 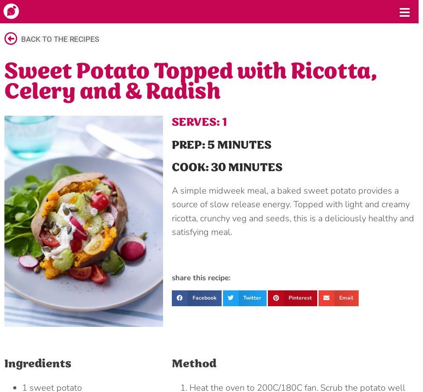 What do you see at coordinates (300, 297) in the screenshot?
I see `'Pinterest'` at bounding box center [300, 297].